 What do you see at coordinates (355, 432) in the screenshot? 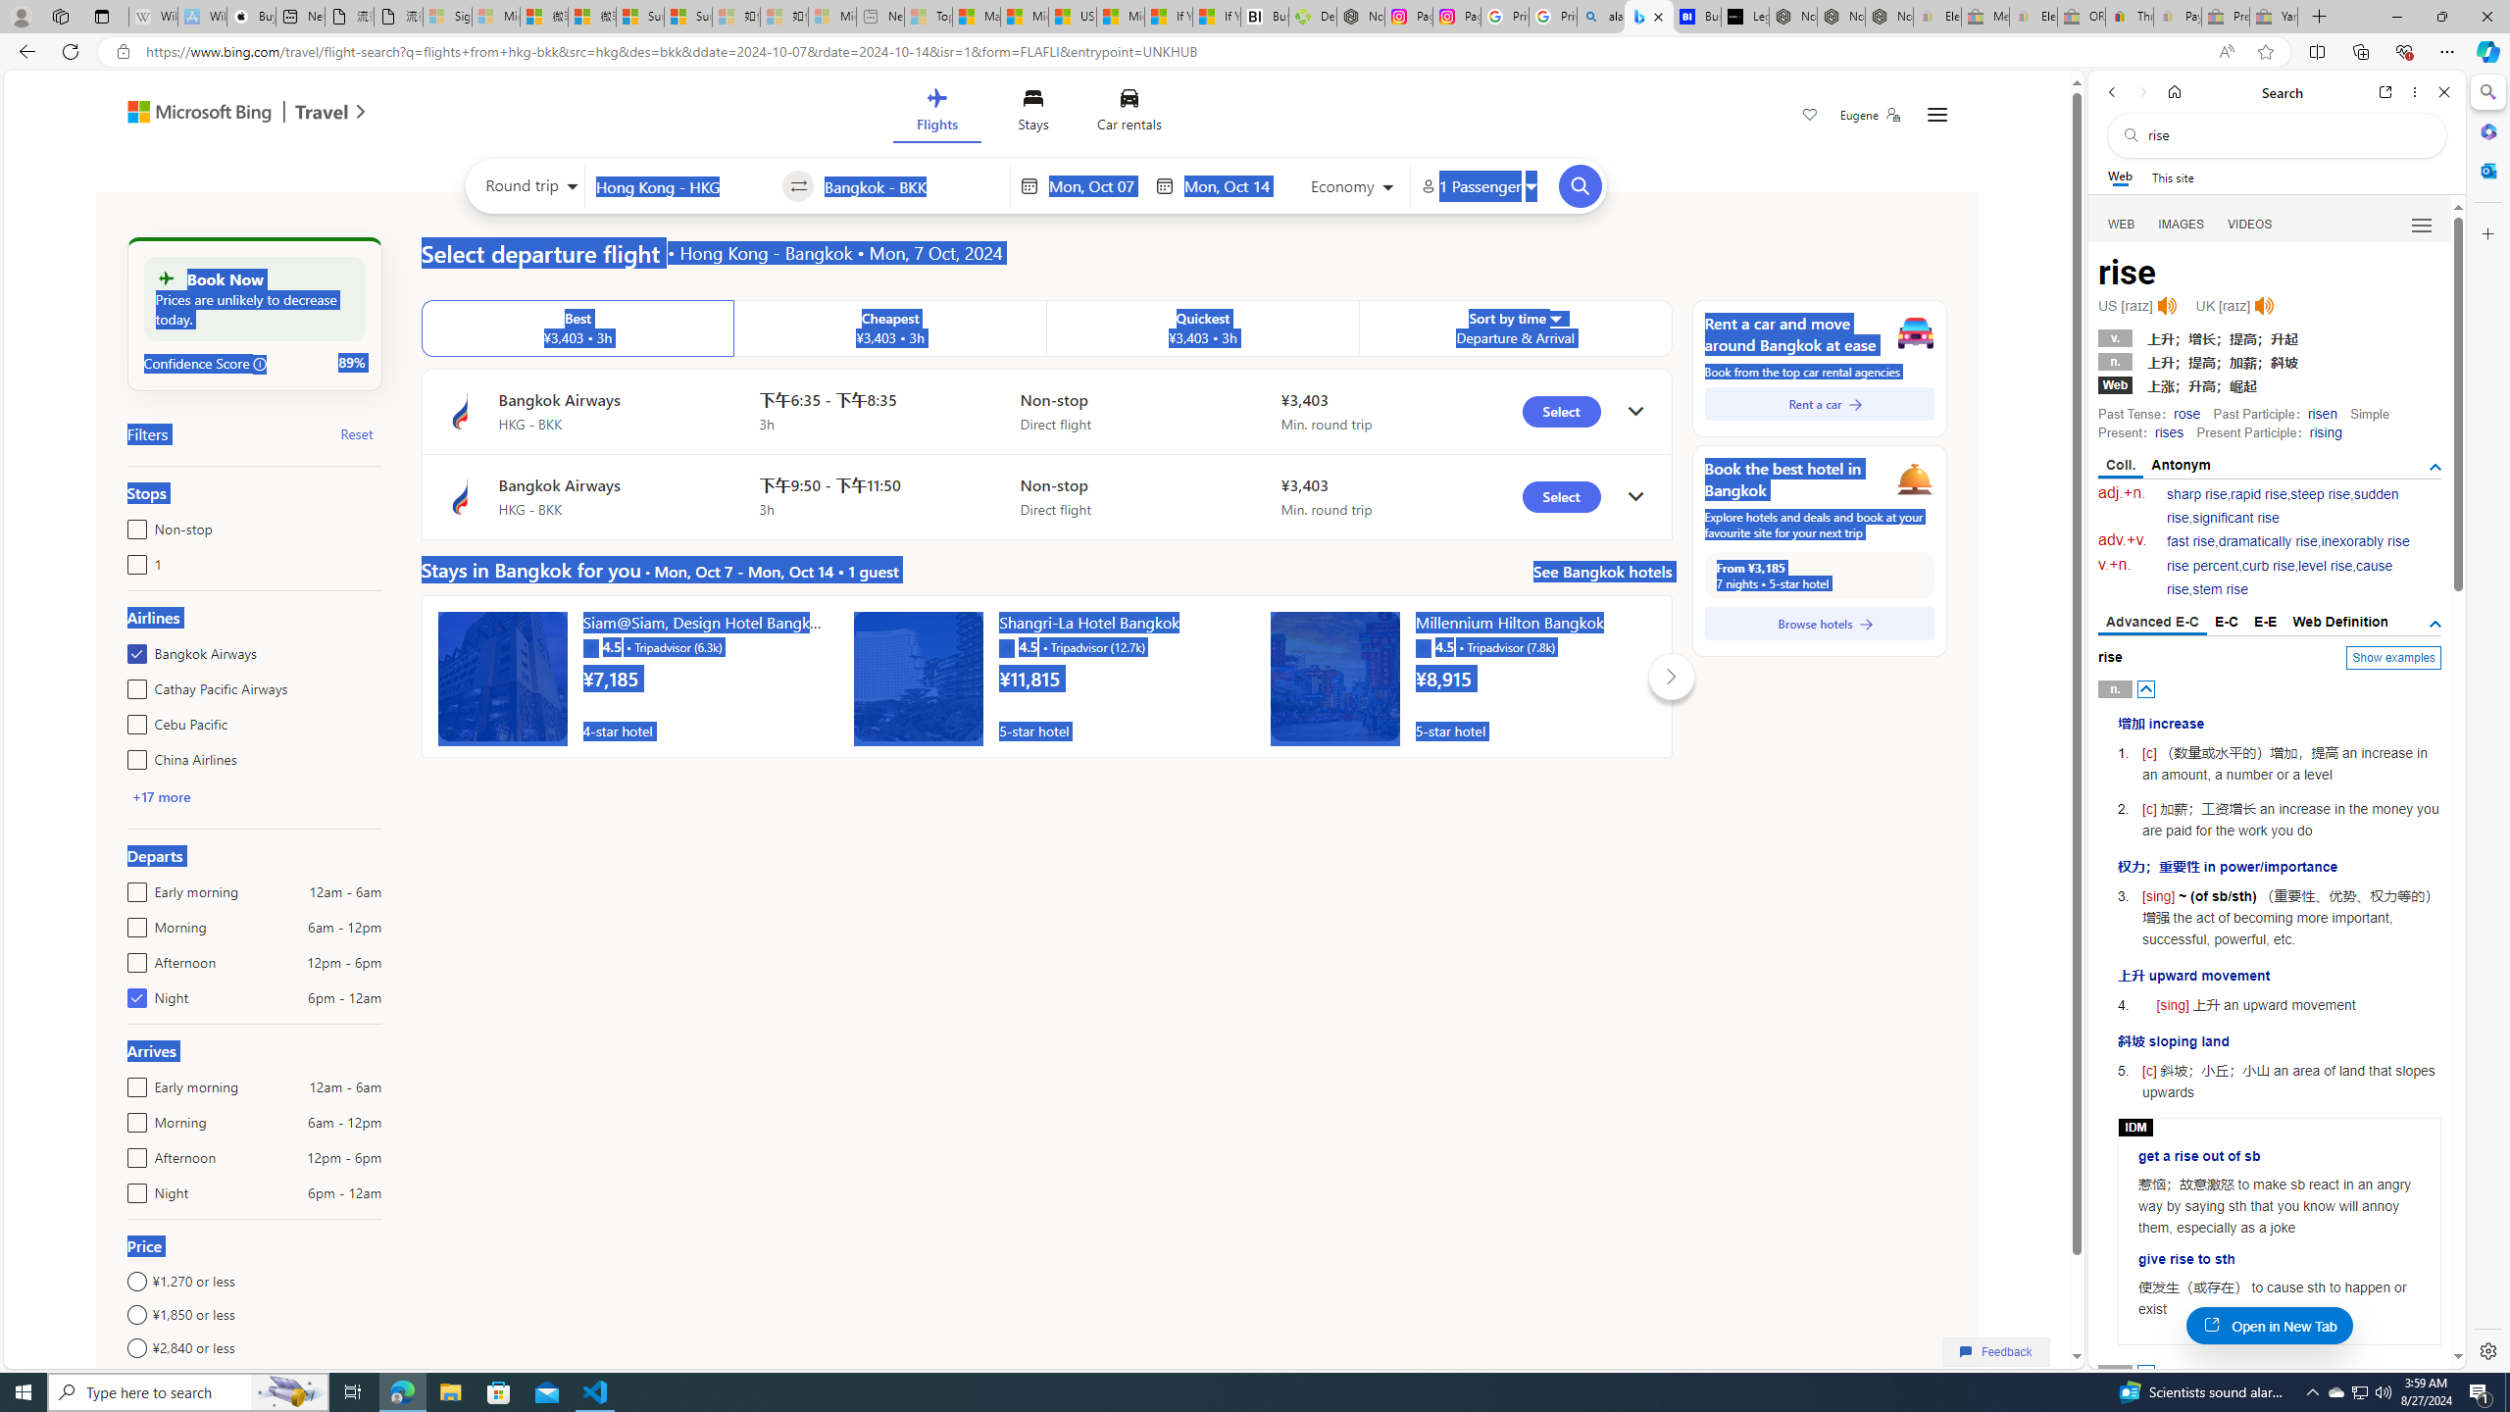
I see `'Reset'` at bounding box center [355, 432].